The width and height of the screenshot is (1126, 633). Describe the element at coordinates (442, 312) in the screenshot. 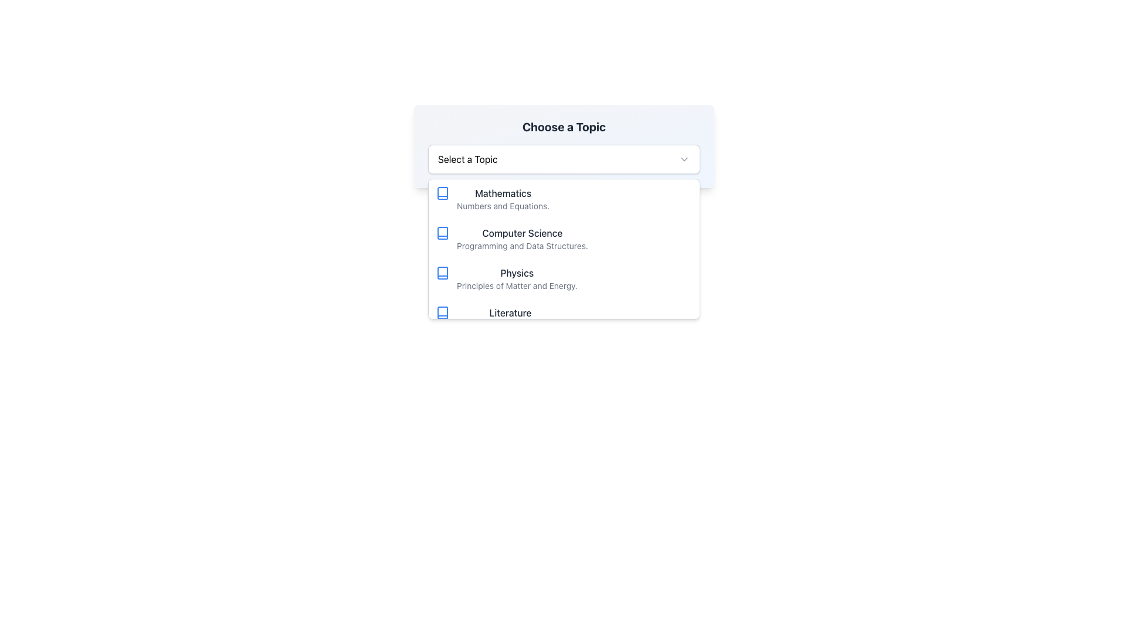

I see `the small blue book icon located to the left of the 'Literature' text in the dropdown list of topics` at that location.